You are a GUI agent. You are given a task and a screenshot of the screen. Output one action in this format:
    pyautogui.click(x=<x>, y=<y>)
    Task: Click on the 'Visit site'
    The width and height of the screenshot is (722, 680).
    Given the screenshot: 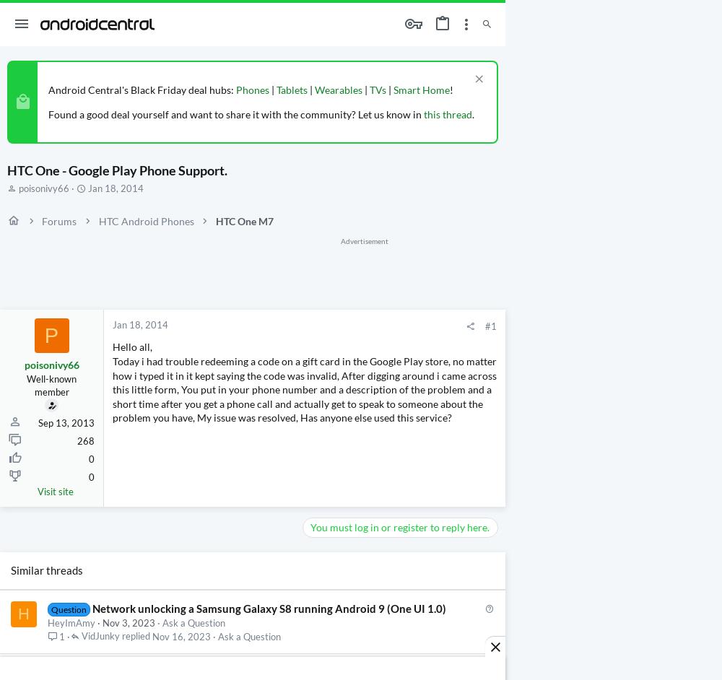 What is the action you would take?
    pyautogui.click(x=55, y=491)
    